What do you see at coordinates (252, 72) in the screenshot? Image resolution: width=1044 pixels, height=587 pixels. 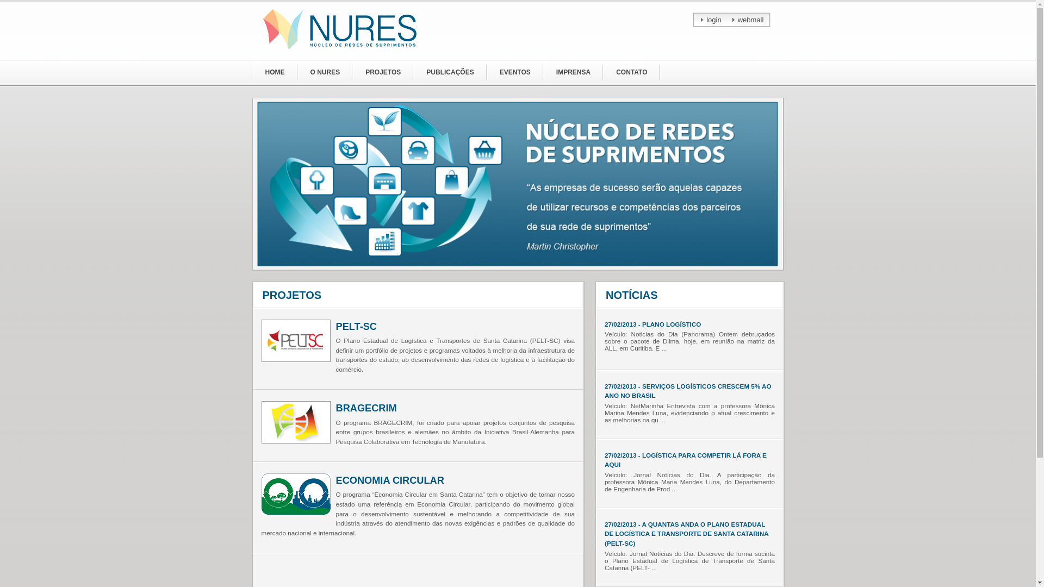 I see `'HOME'` at bounding box center [252, 72].